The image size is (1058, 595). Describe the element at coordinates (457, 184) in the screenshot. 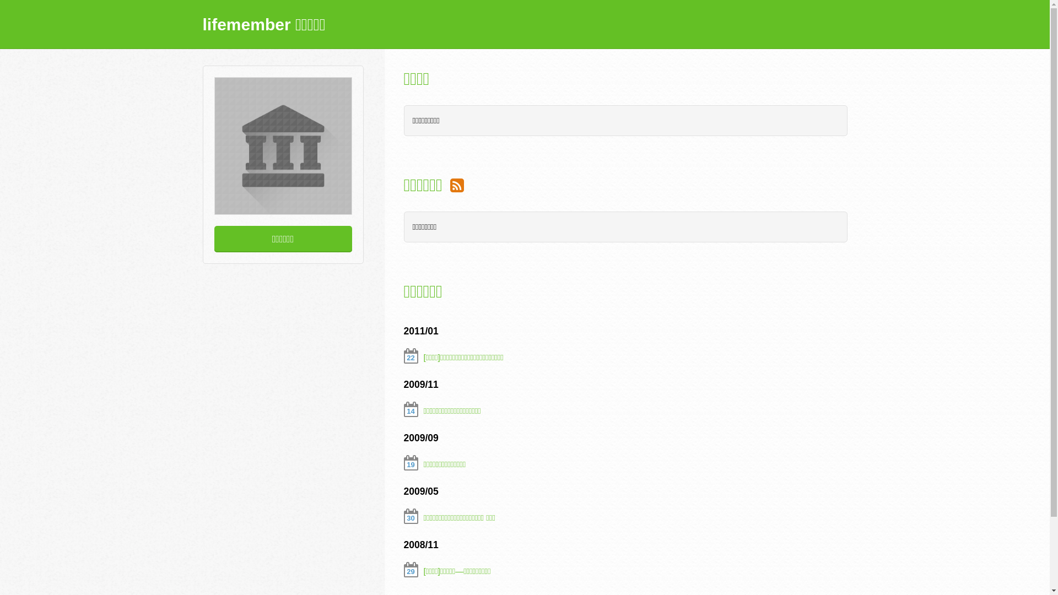

I see `'Organization Events RSS'` at that location.